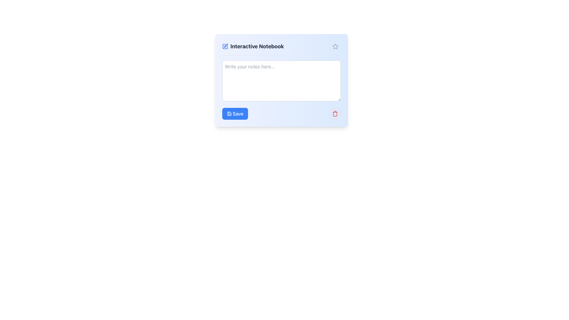 The width and height of the screenshot is (569, 320). Describe the element at coordinates (335, 46) in the screenshot. I see `the star-shaped icon located in the top-right corner of the interface, which has thin lines and a hollow center` at that location.